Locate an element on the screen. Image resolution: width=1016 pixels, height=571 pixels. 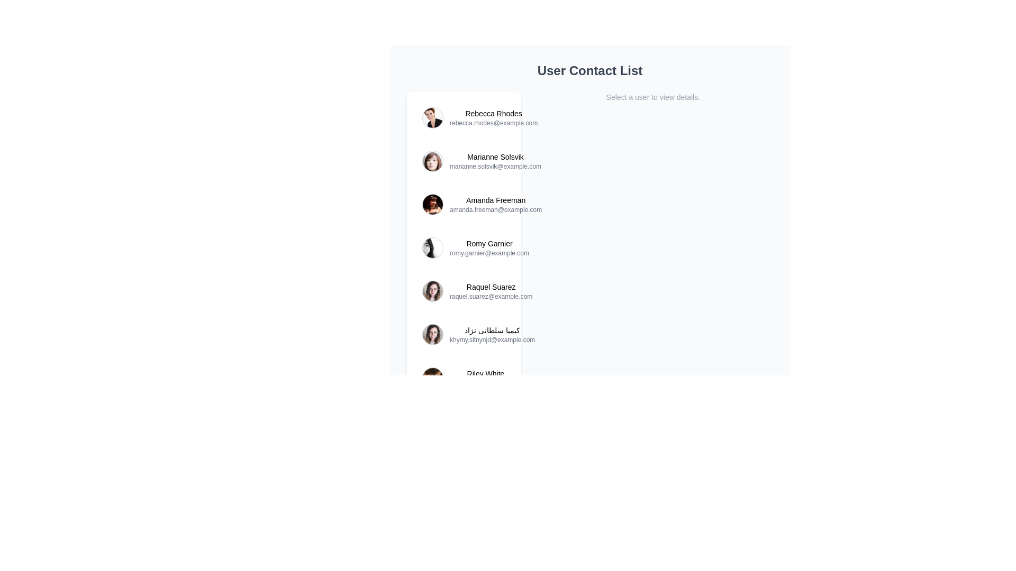
the rounded image thumbnail of the contact list entry for 'Riley White' is located at coordinates (464, 377).